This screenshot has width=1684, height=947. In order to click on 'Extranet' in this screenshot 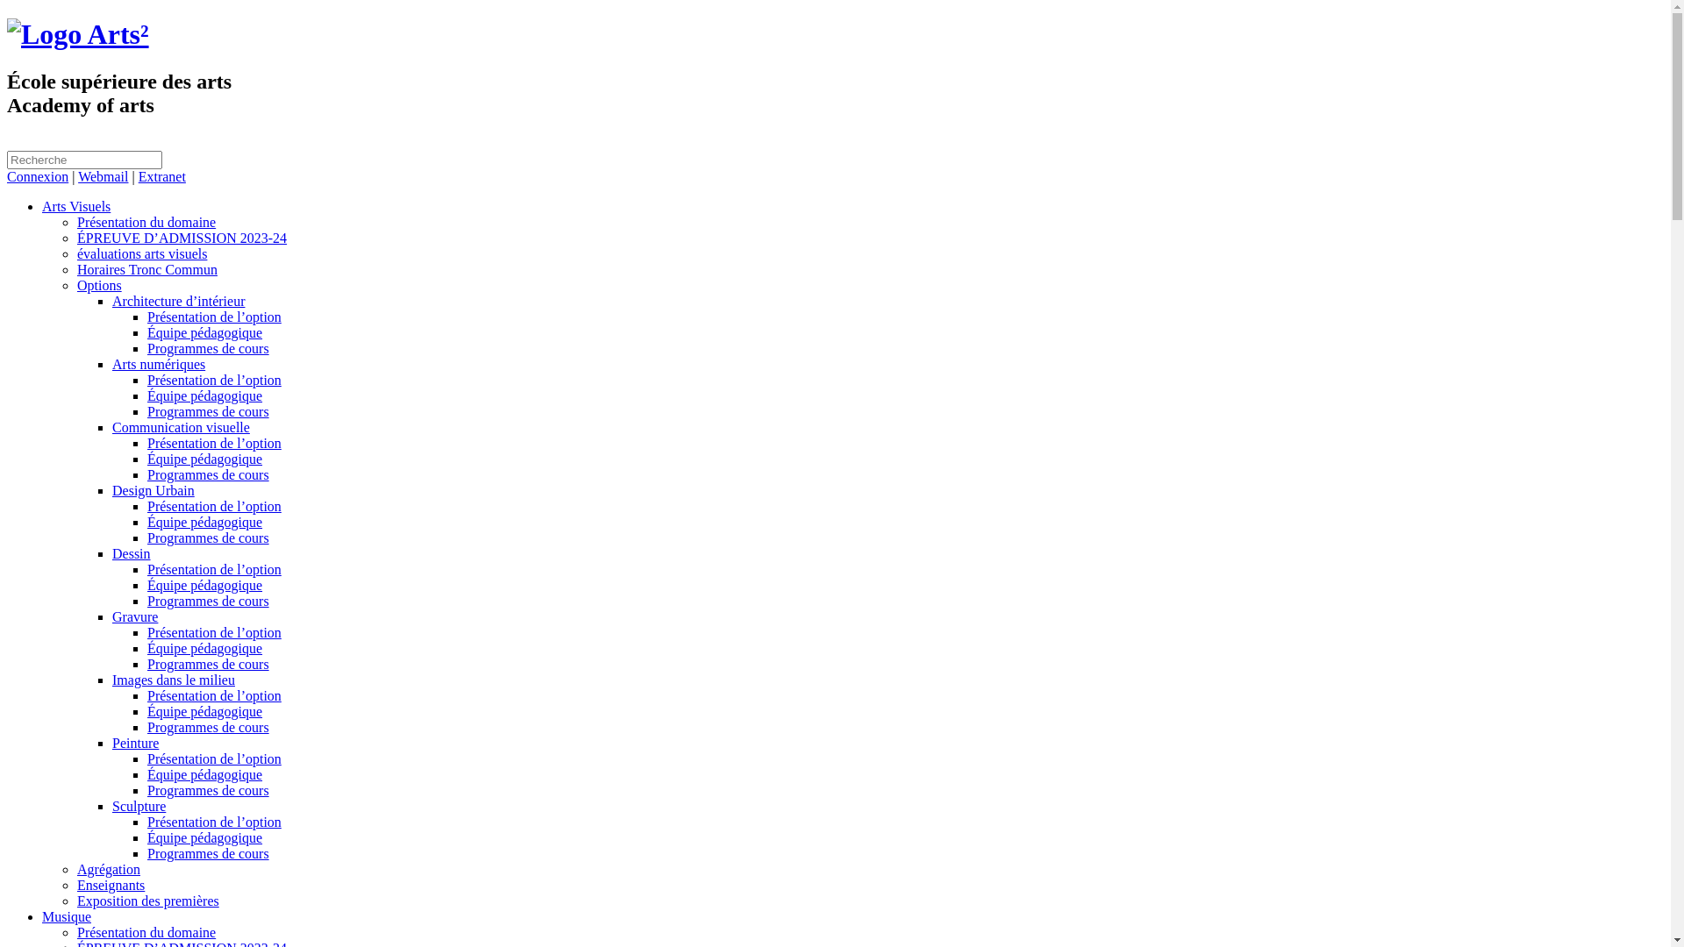, I will do `click(162, 176)`.